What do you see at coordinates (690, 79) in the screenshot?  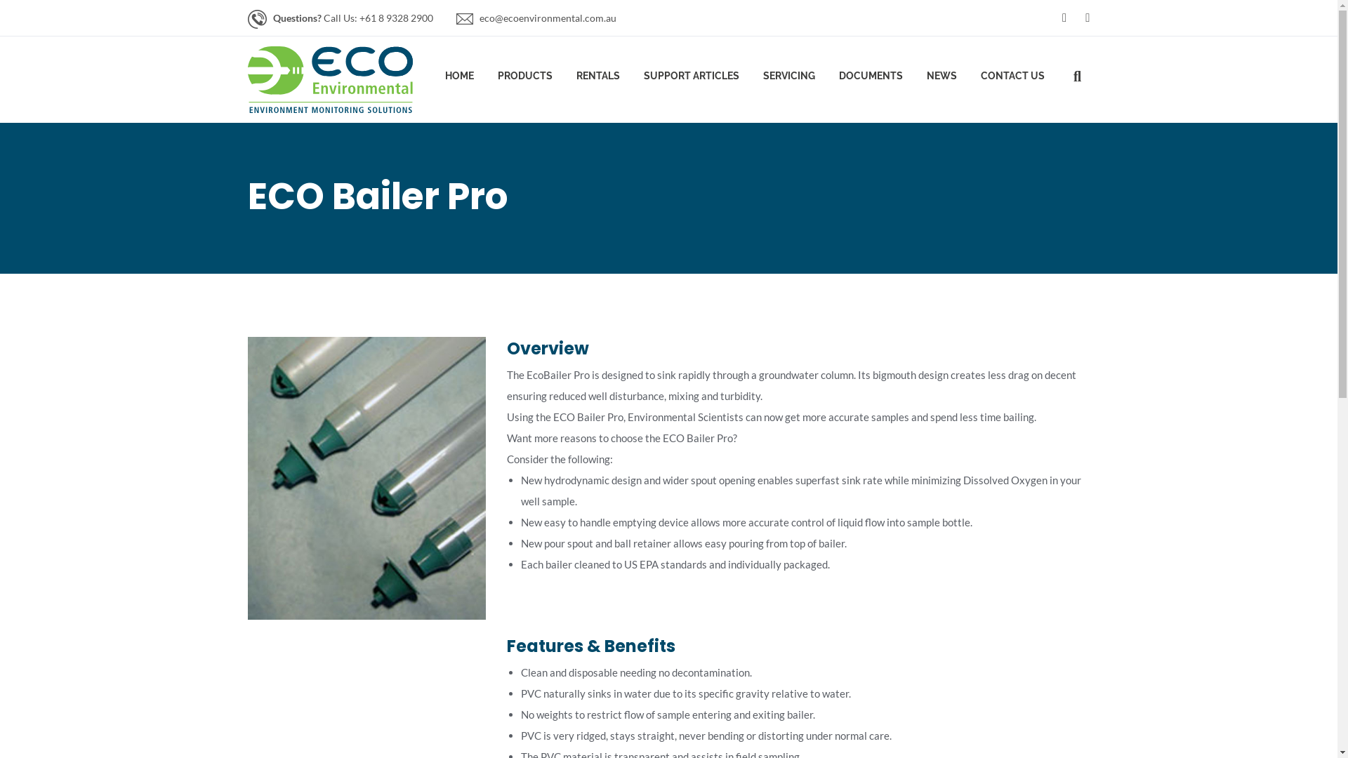 I see `'SUPPORT ARTICLES'` at bounding box center [690, 79].